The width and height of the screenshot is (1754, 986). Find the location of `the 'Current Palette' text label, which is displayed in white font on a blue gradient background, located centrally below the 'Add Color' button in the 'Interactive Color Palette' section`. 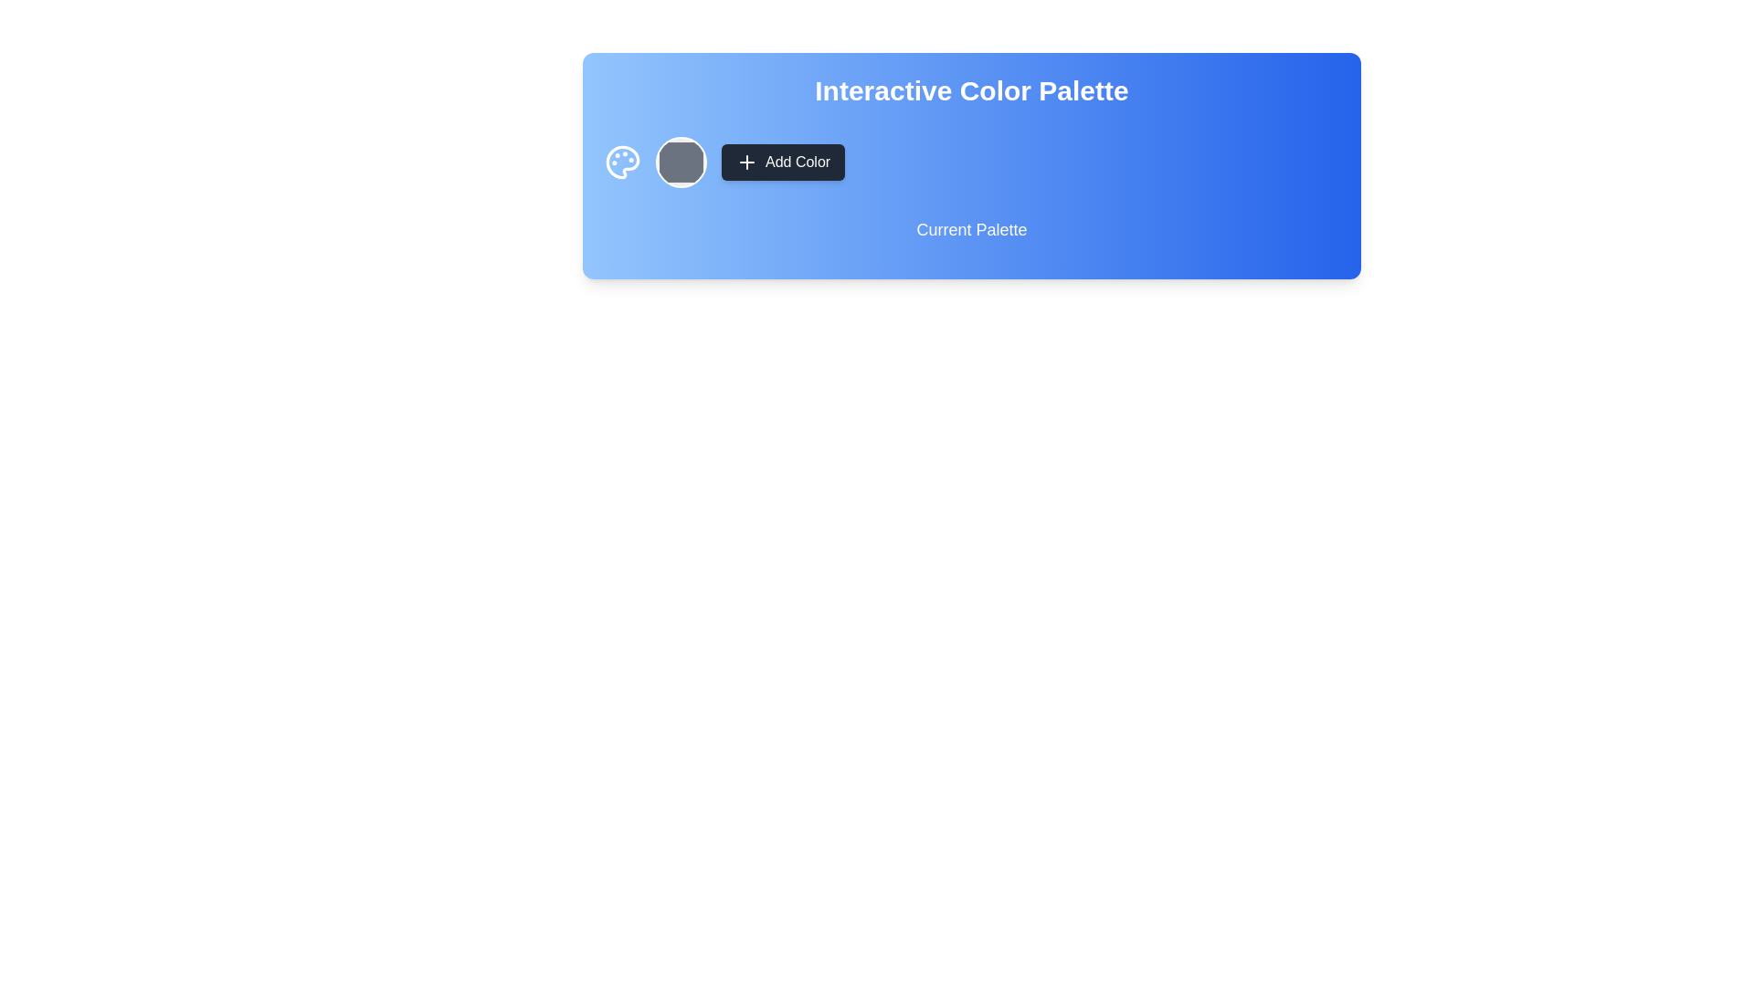

the 'Current Palette' text label, which is displayed in white font on a blue gradient background, located centrally below the 'Add Color' button in the 'Interactive Color Palette' section is located at coordinates (971, 236).